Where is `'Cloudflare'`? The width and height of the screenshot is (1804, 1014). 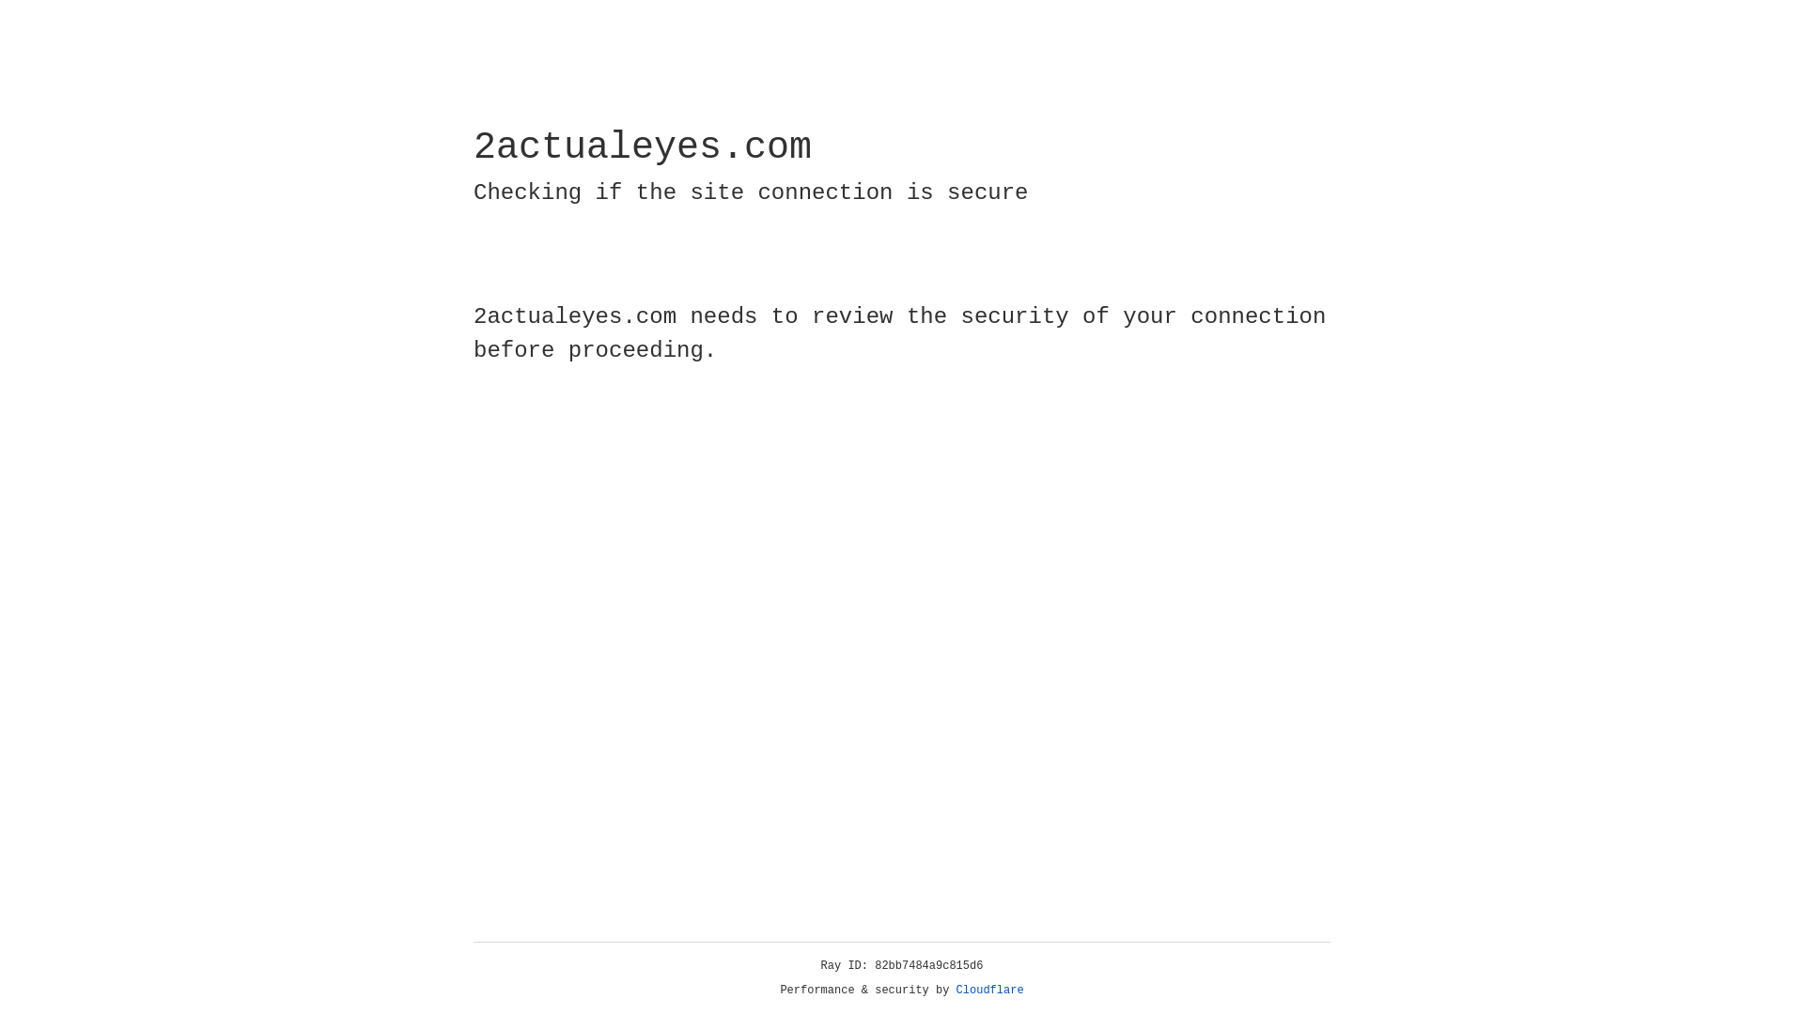
'Cloudflare' is located at coordinates (989, 990).